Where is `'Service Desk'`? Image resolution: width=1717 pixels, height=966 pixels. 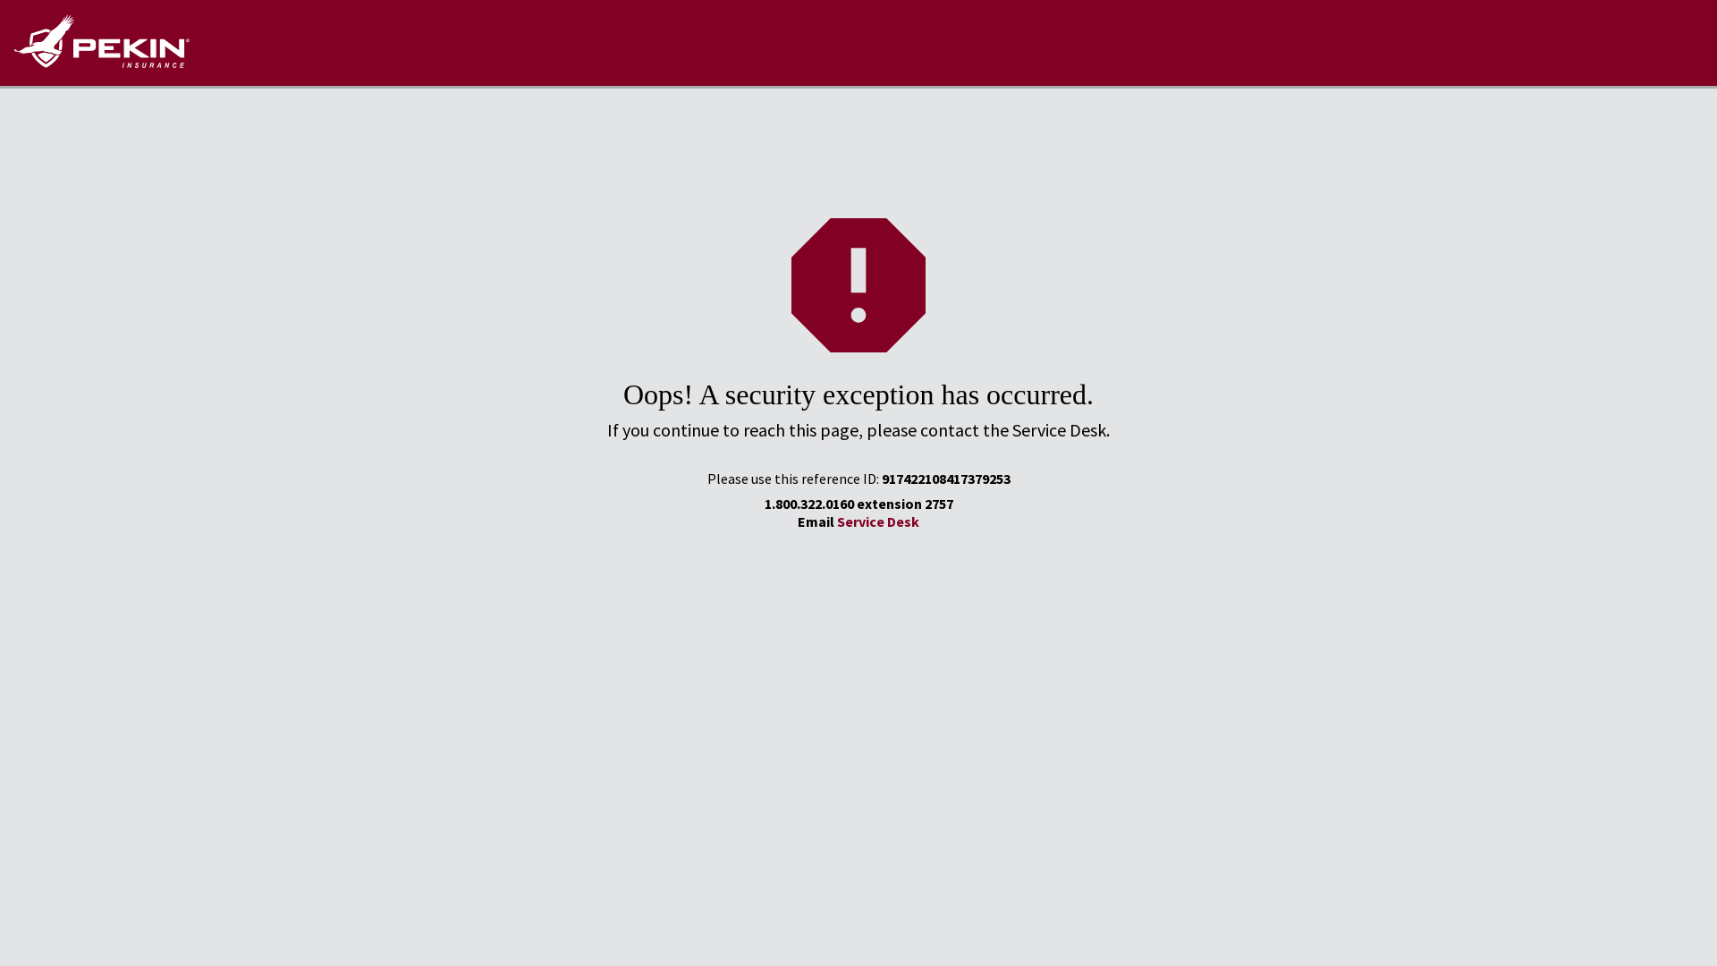
'Service Desk' is located at coordinates (878, 521).